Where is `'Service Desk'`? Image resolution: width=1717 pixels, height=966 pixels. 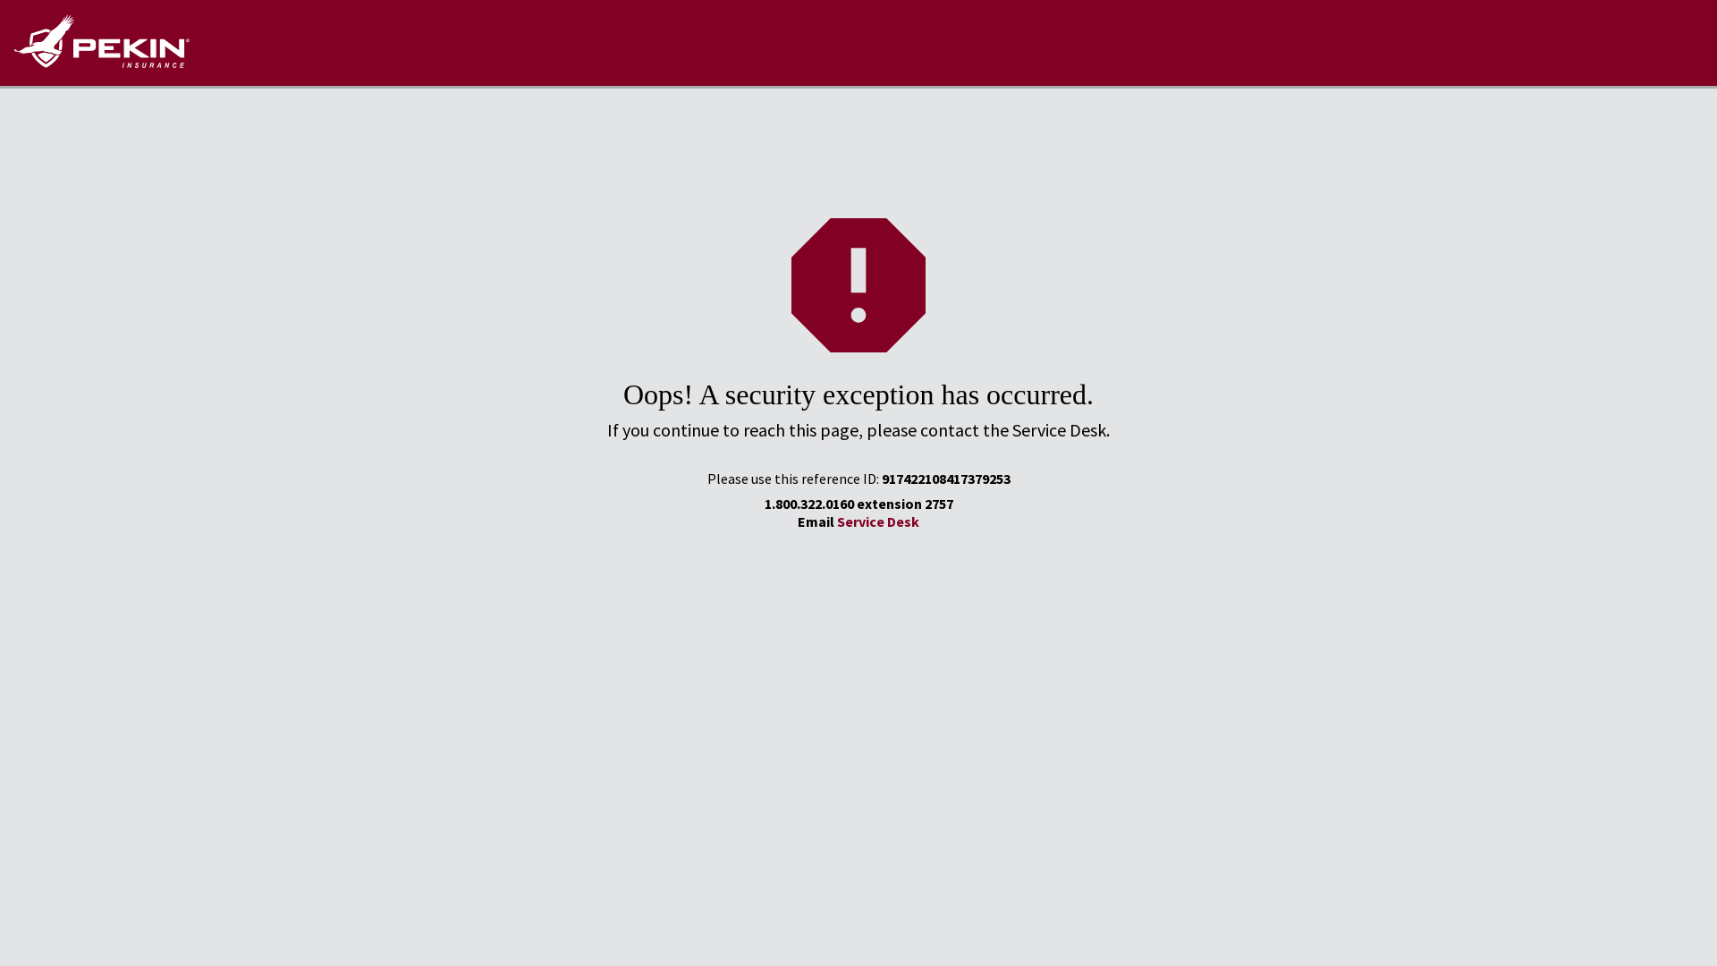
'Service Desk' is located at coordinates (878, 521).